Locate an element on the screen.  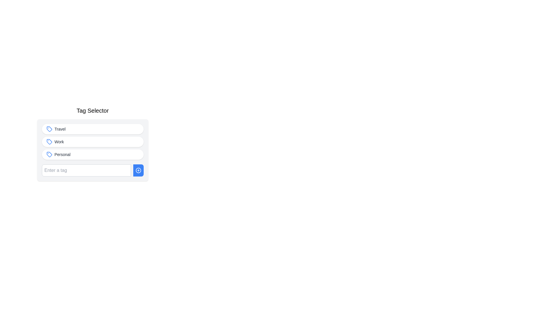
the light blue tag icon located at the second position in the vertical list of three tag icons within the 'Work' rounded rectangle button is located at coordinates (49, 142).